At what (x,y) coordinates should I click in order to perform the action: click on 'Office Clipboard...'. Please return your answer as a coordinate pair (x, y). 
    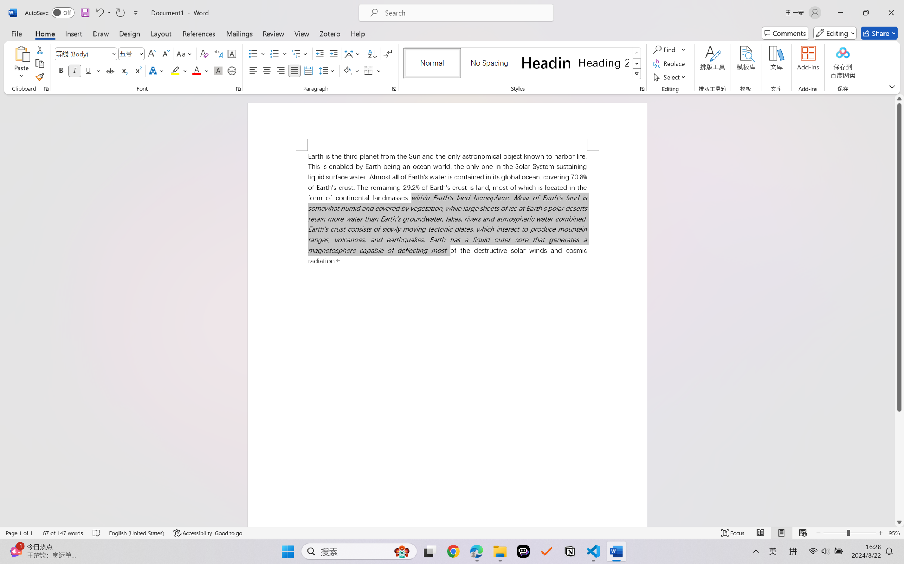
    Looking at the image, I should click on (46, 88).